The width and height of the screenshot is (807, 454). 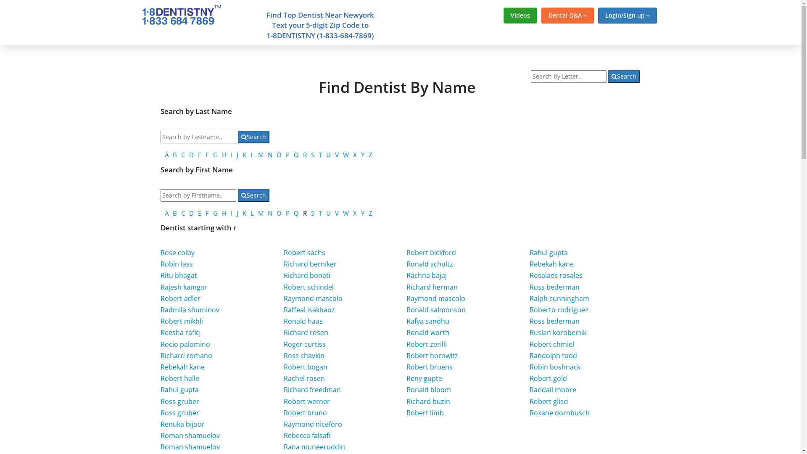 What do you see at coordinates (166, 154) in the screenshot?
I see `'A'` at bounding box center [166, 154].